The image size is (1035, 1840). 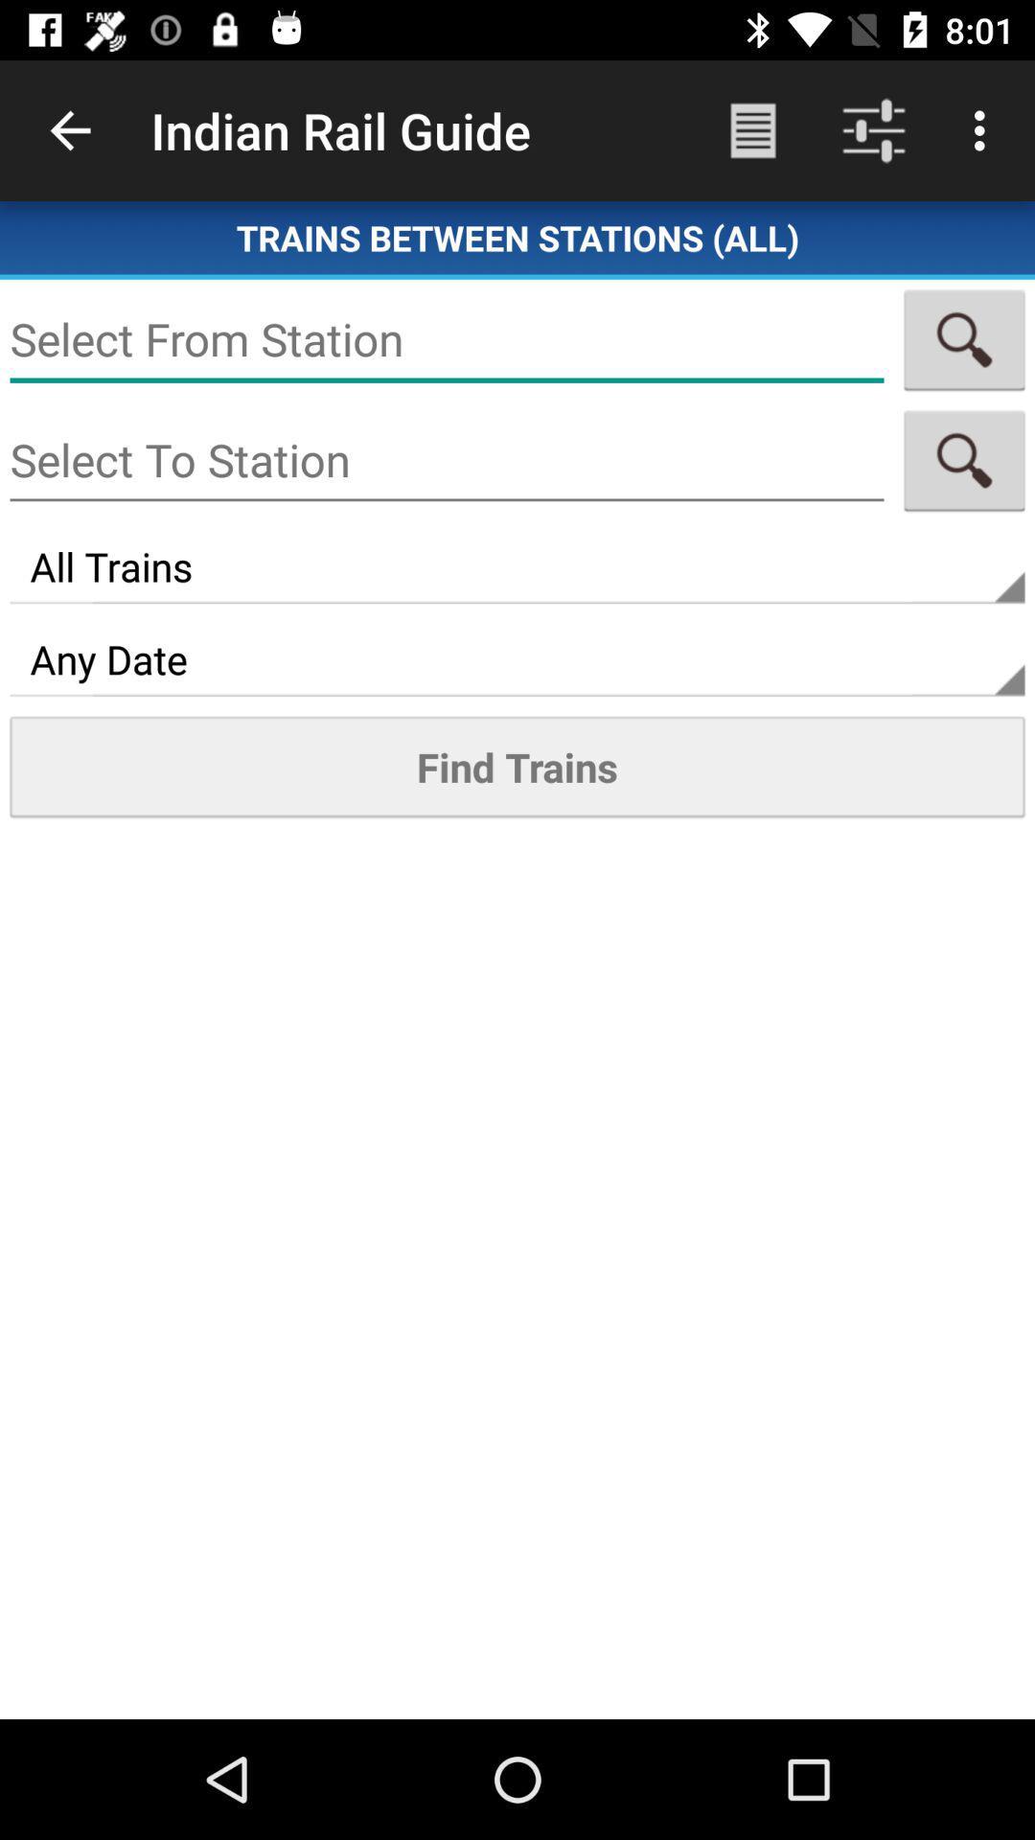 What do you see at coordinates (964, 339) in the screenshot?
I see `search` at bounding box center [964, 339].